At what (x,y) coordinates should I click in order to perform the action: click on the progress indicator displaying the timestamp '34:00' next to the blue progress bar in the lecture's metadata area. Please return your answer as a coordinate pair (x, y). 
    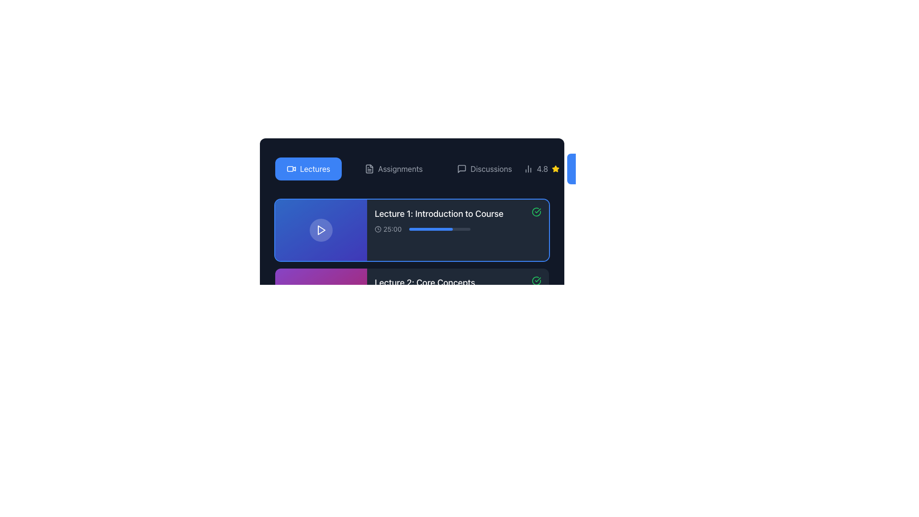
    Looking at the image, I should click on (438, 367).